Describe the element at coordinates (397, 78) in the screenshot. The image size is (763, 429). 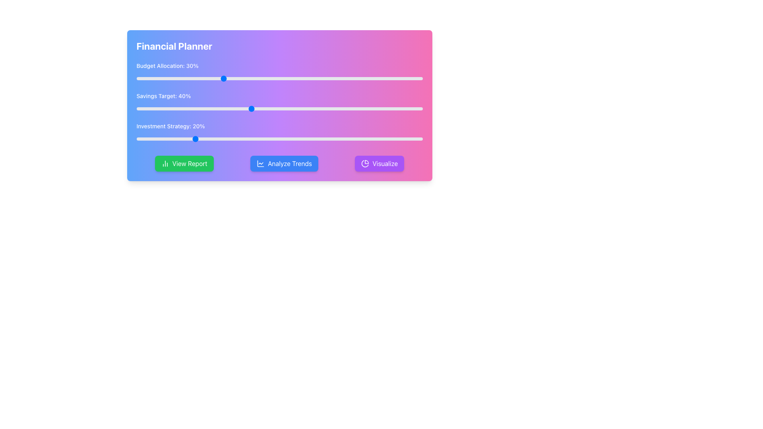
I see `the budget allocation slider` at that location.